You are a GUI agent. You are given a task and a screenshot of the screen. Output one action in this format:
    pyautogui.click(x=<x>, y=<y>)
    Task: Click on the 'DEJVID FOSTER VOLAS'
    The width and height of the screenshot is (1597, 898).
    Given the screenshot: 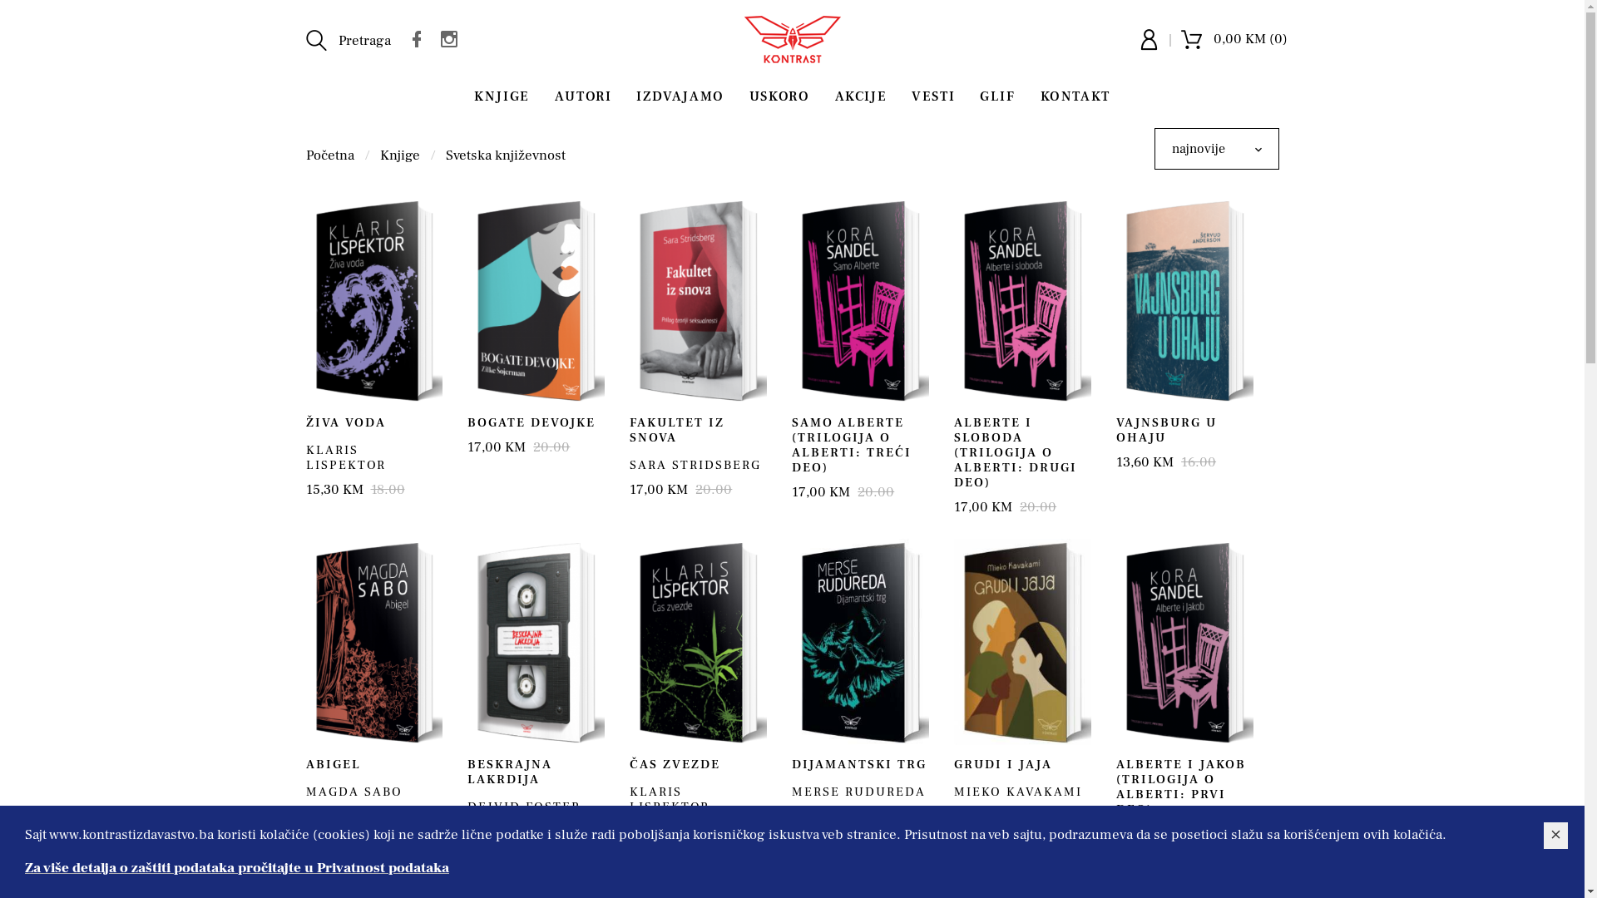 What is the action you would take?
    pyautogui.click(x=522, y=813)
    